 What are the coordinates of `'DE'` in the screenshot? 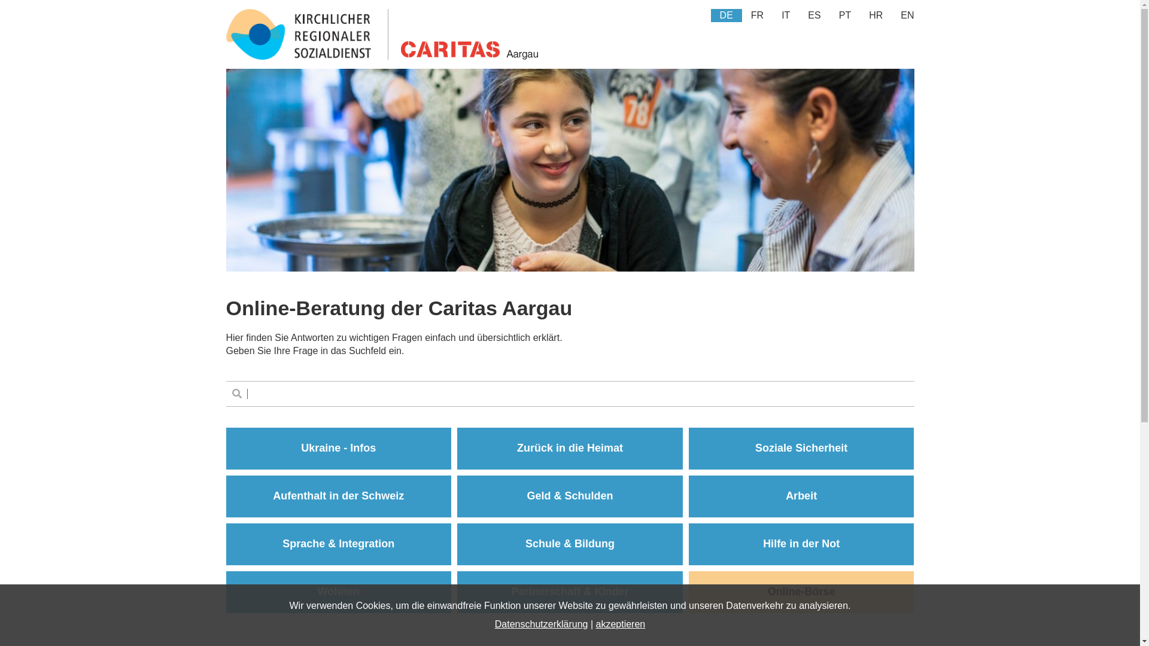 It's located at (726, 16).